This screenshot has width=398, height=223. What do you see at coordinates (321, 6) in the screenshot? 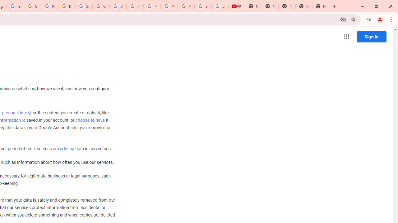
I see `'New Tab'` at bounding box center [321, 6].